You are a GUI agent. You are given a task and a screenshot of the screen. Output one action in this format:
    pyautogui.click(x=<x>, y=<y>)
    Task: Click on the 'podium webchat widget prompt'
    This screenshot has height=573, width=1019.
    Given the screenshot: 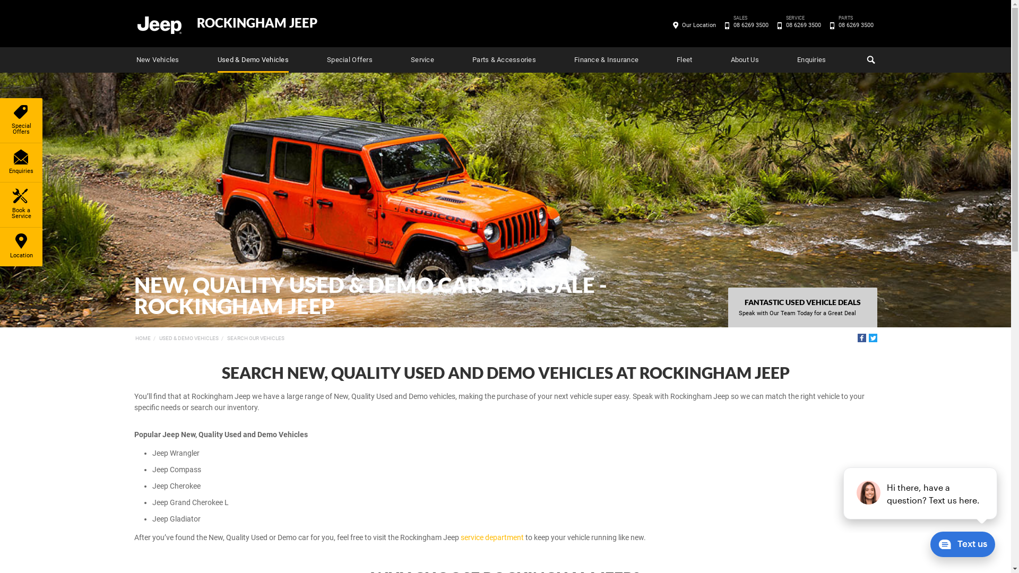 What is the action you would take?
    pyautogui.click(x=920, y=493)
    